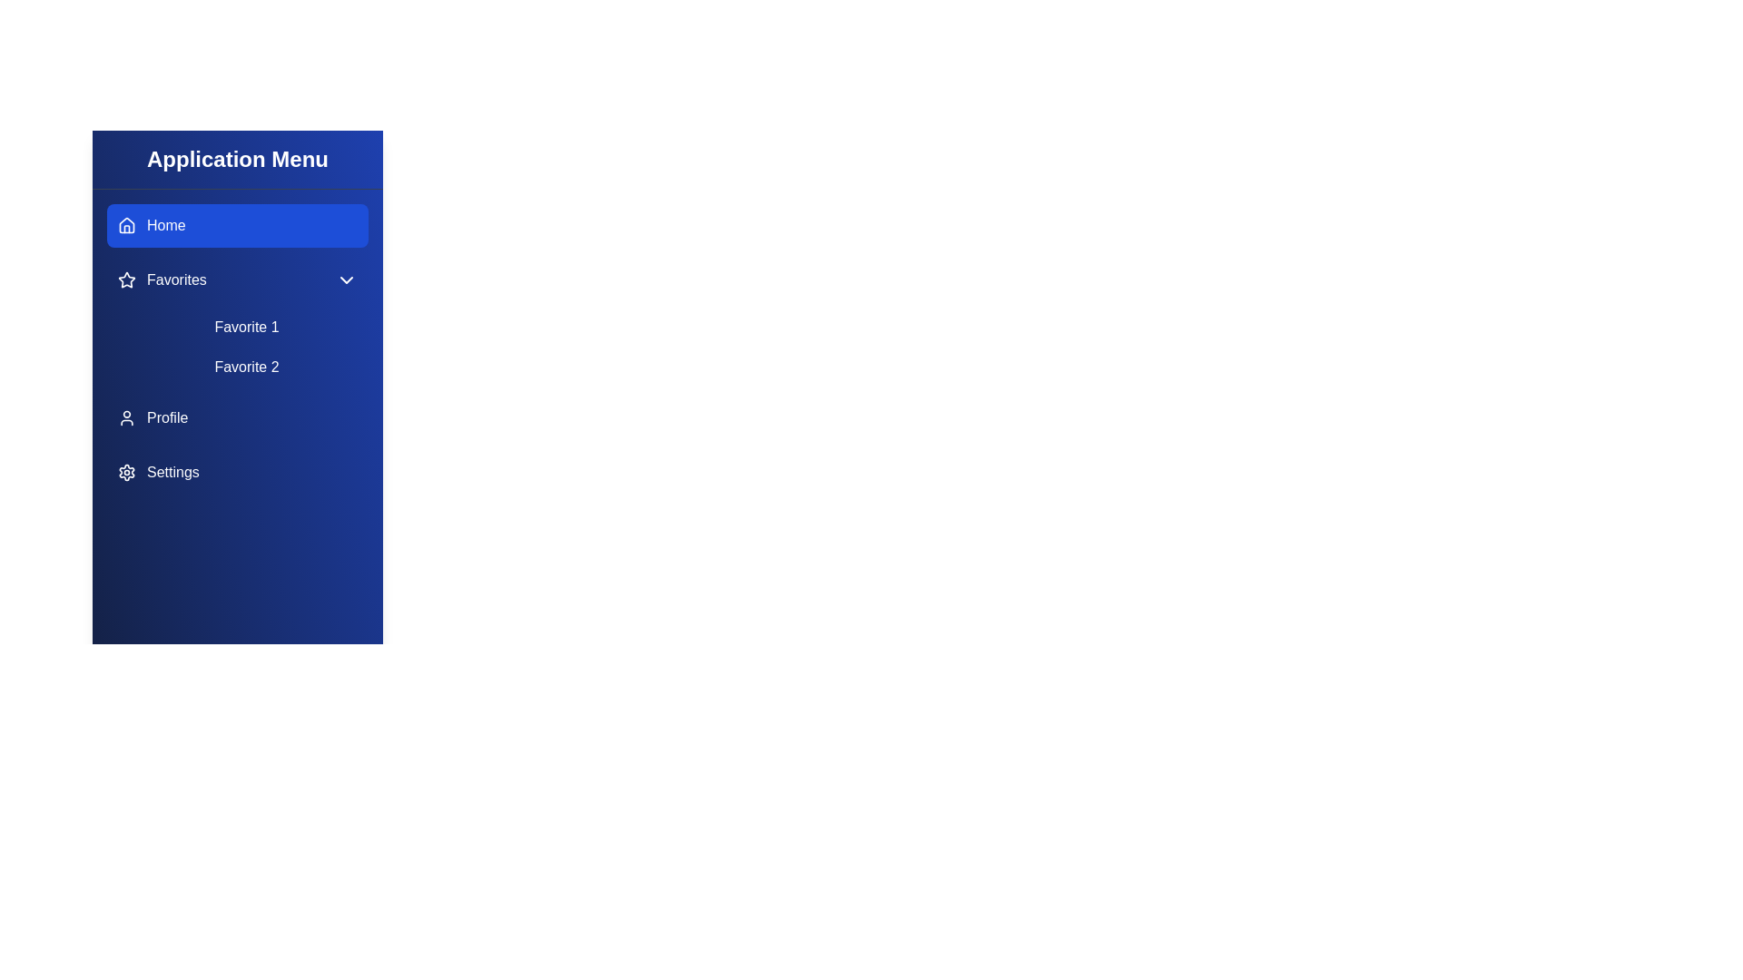 The width and height of the screenshot is (1743, 980). I want to click on the collapsible menu containing links to 'Favorite 1' and 'Favorite 2' using keyboard shortcuts if available, so click(237, 320).